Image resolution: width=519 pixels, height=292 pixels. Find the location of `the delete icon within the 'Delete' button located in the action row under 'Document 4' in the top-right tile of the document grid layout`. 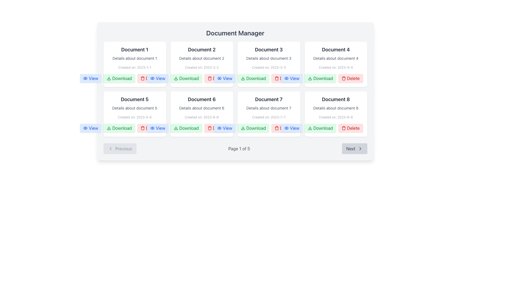

the delete icon within the 'Delete' button located in the action row under 'Document 4' in the top-right tile of the document grid layout is located at coordinates (343, 128).